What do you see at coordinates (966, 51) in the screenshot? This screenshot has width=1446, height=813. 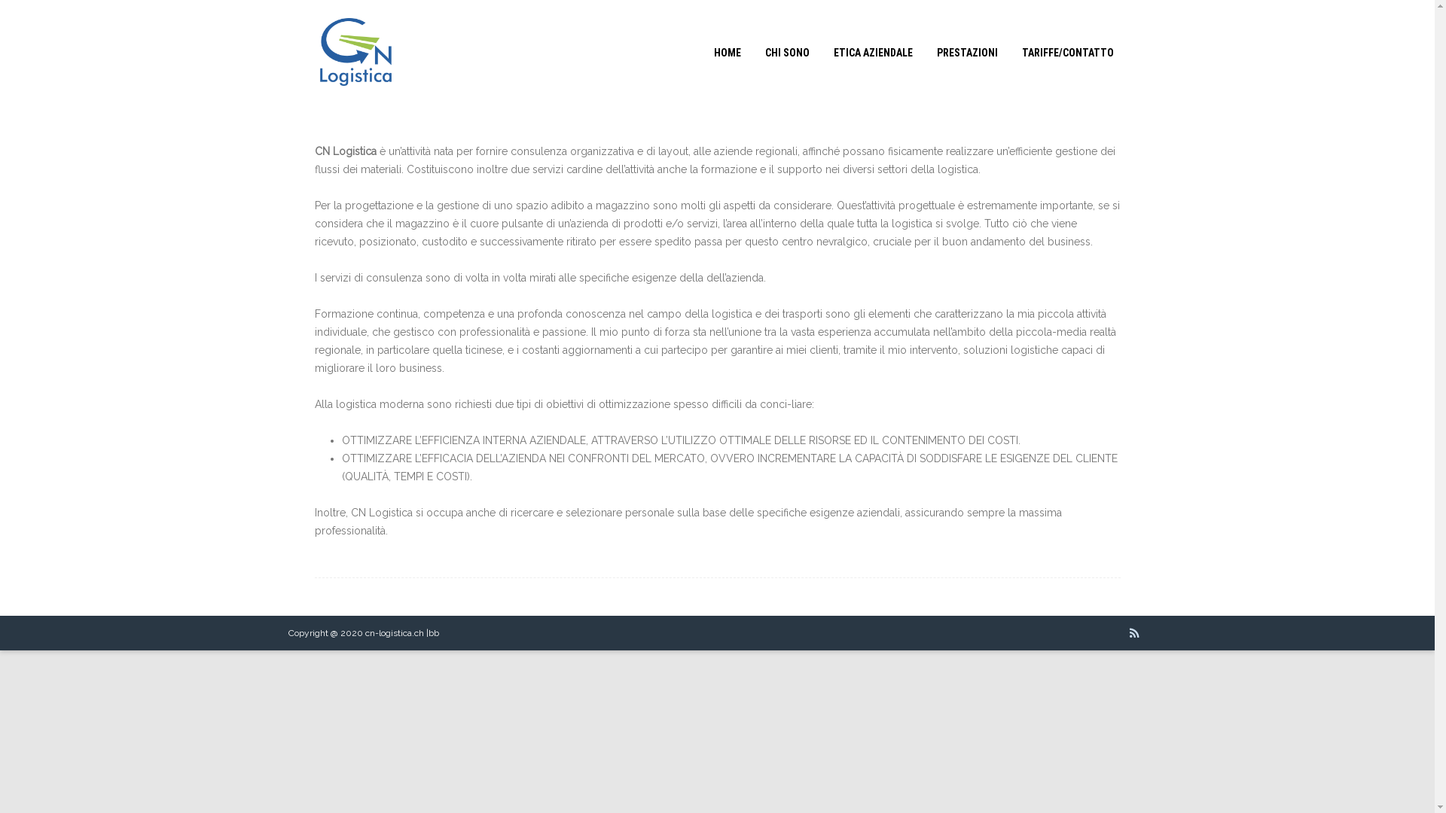 I see `'PRESTAZIONI'` at bounding box center [966, 51].